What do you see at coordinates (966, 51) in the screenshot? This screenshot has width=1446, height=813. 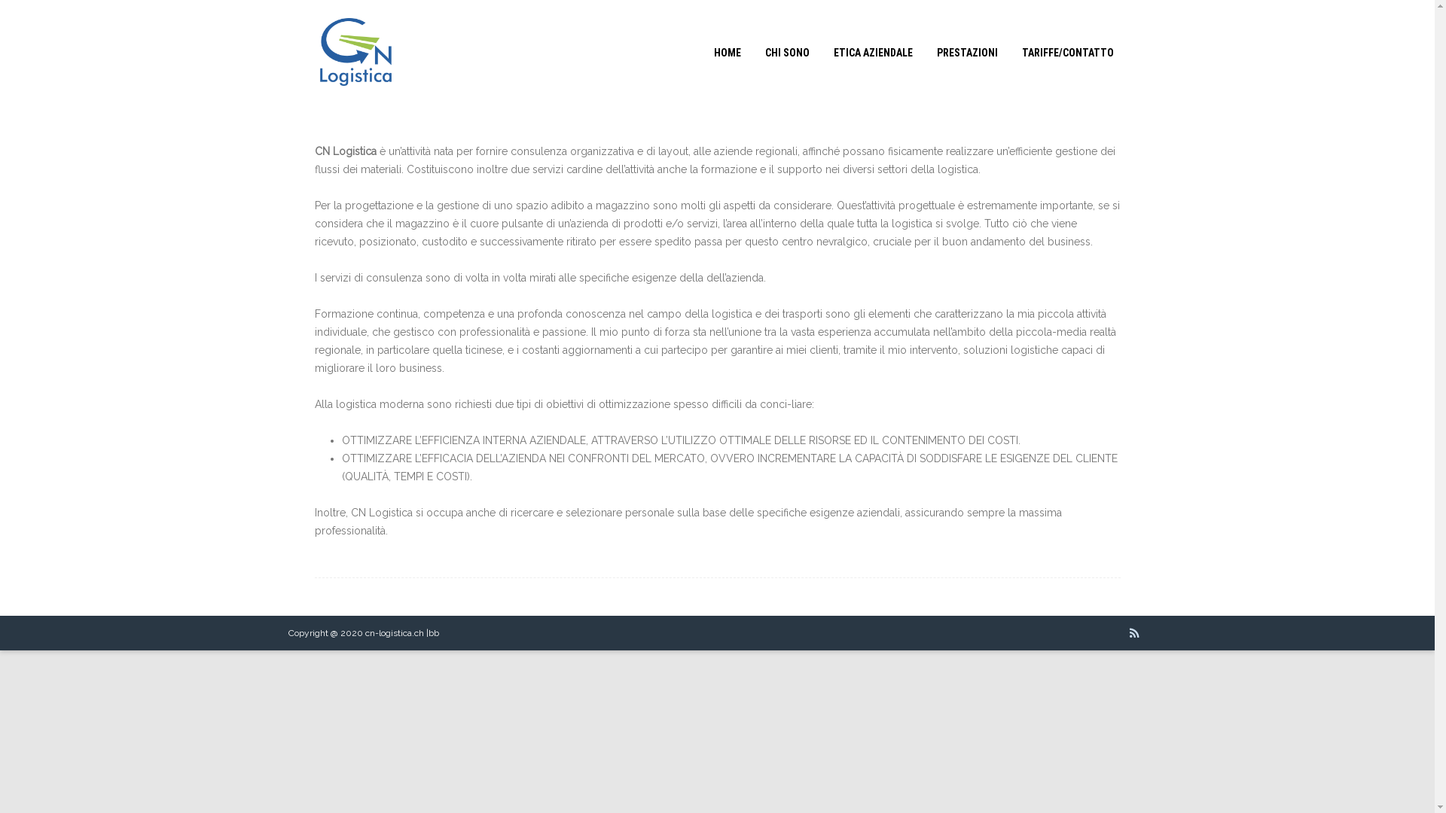 I see `'PRESTAZIONI'` at bounding box center [966, 51].